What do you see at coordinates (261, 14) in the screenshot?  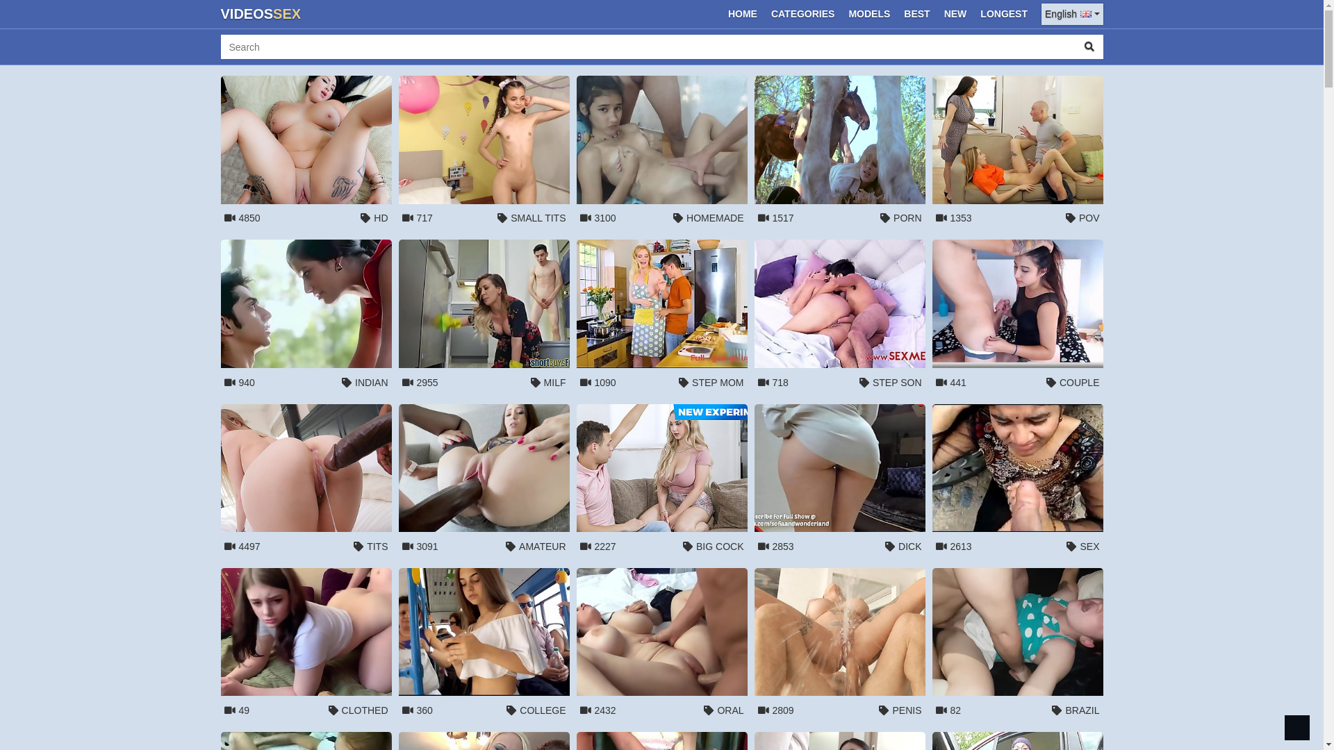 I see `'VIDEOSSEX'` at bounding box center [261, 14].